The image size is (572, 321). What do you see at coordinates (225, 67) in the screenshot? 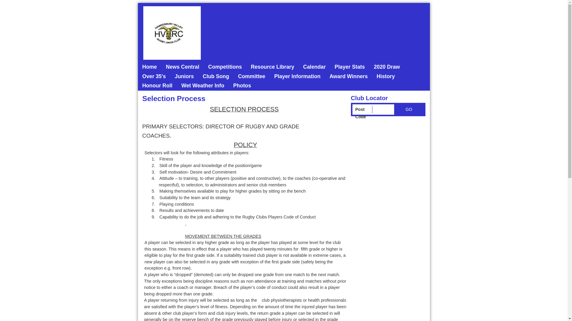
I see `'Competitions'` at bounding box center [225, 67].